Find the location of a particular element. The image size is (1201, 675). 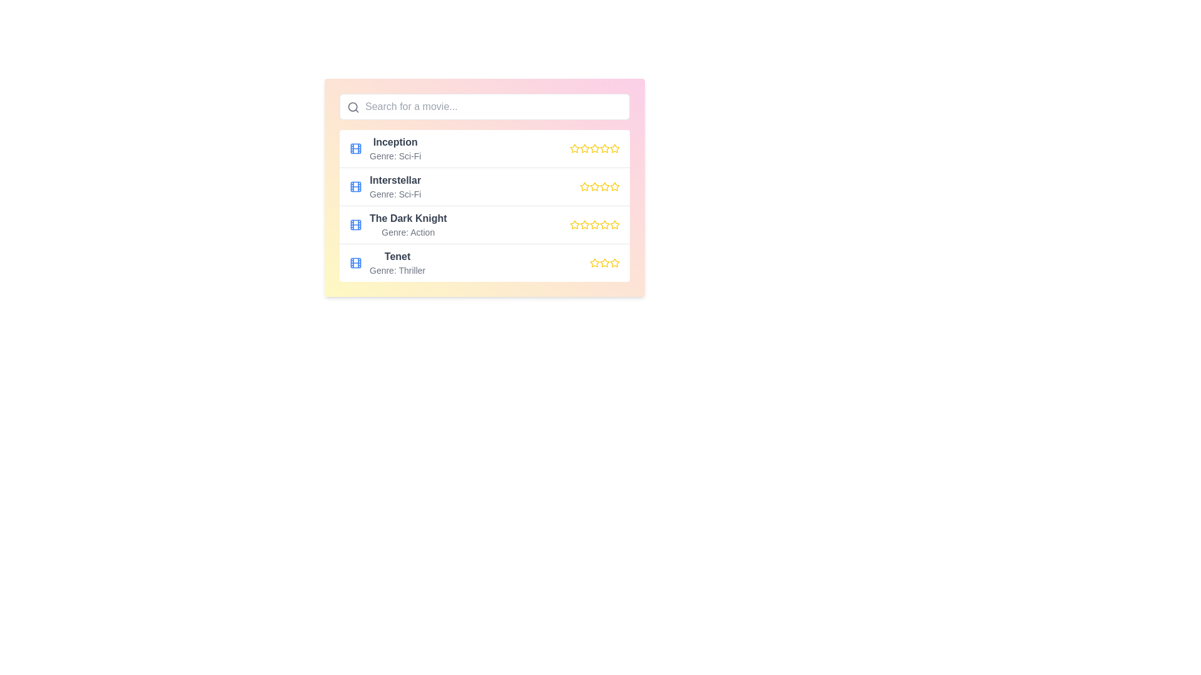

the yellow star icon with a stroke-style design, which is the fourth star in the rating system next to the movie 'Interstellar' in the second row of the movie list is located at coordinates (615, 186).